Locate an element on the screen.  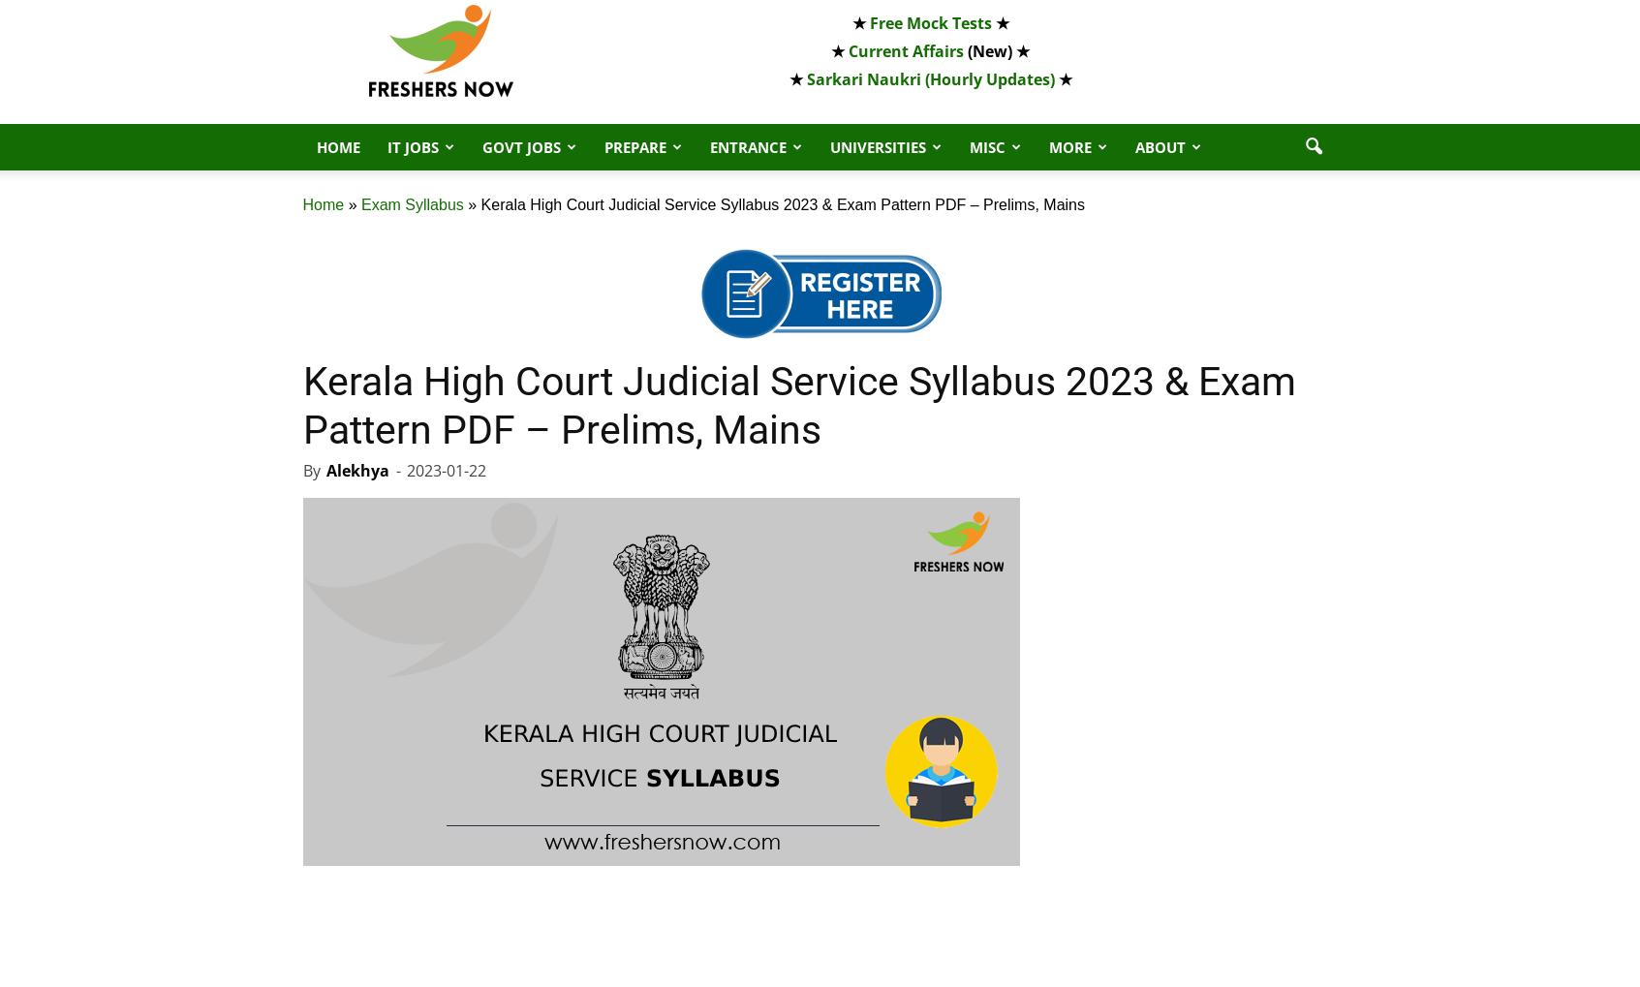
'2023-01-22' is located at coordinates (445, 469).